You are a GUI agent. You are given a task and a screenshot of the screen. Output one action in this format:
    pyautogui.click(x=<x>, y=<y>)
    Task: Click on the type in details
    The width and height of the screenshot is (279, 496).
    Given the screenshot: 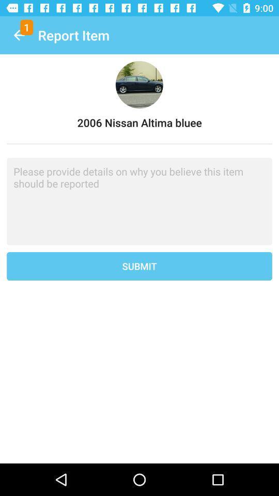 What is the action you would take?
    pyautogui.click(x=139, y=201)
    